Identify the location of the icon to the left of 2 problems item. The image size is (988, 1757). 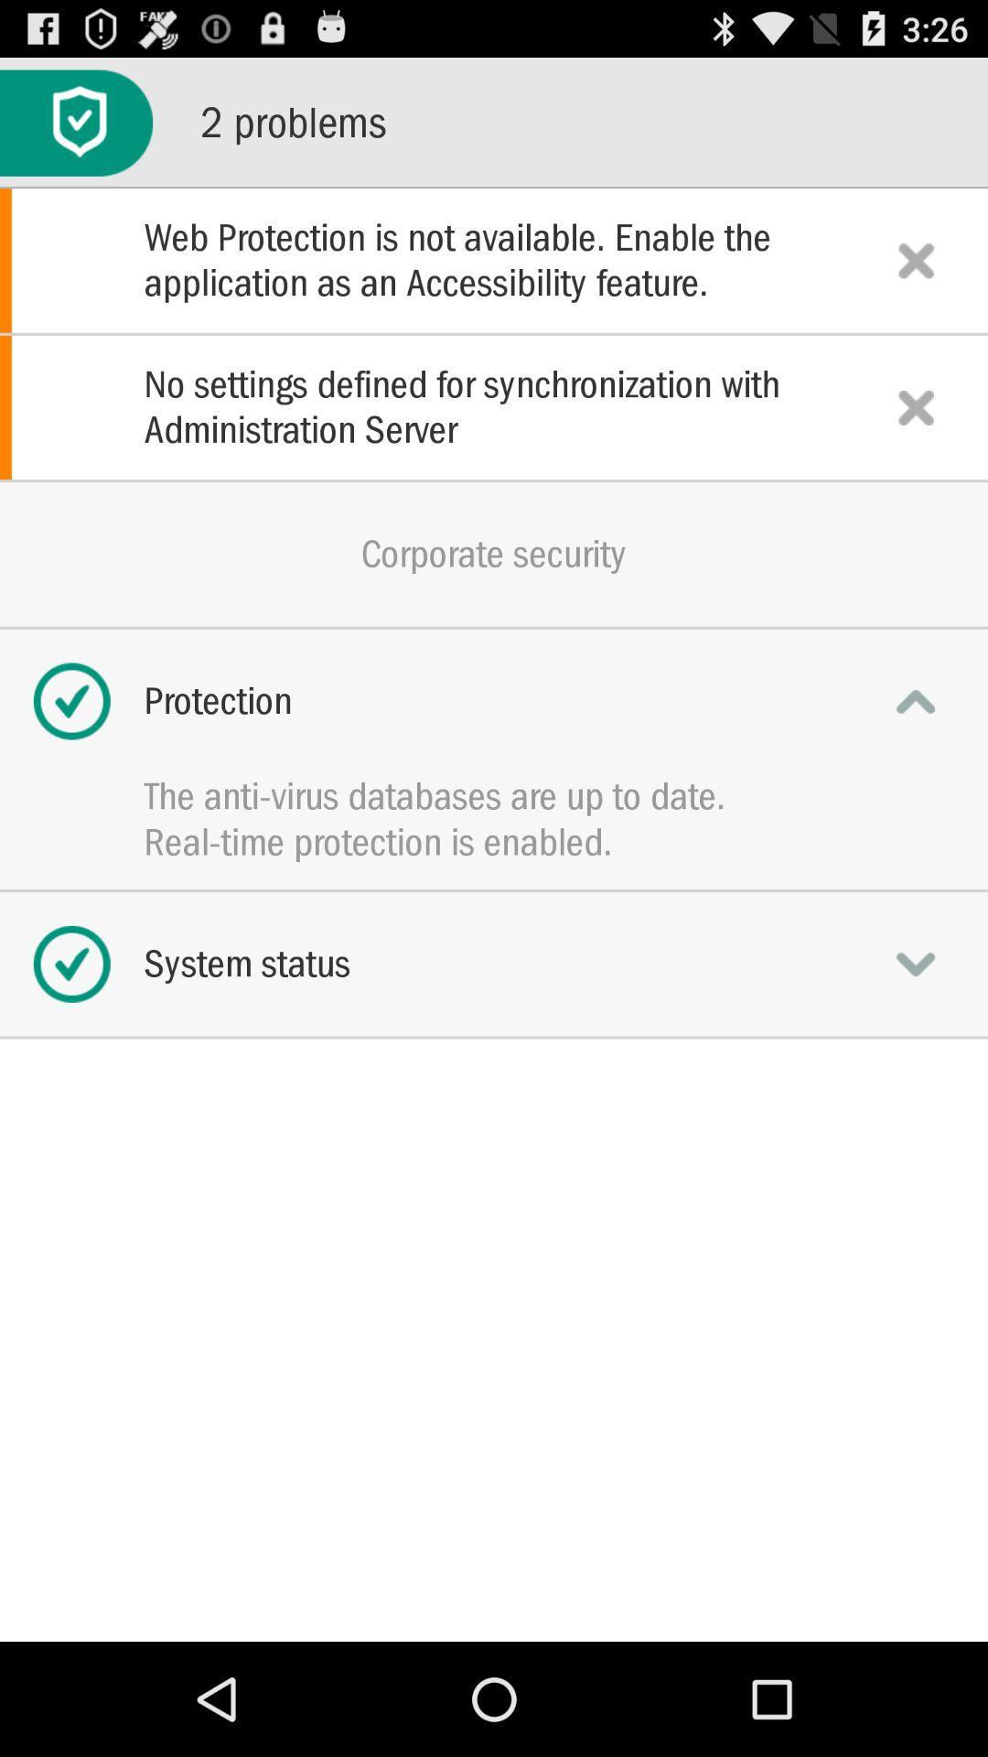
(75, 122).